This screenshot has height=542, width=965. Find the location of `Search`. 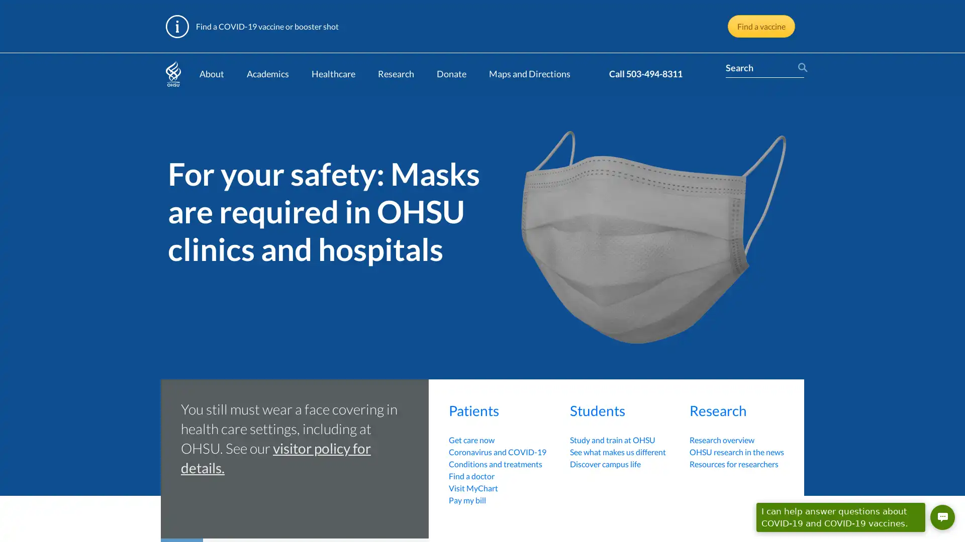

Search is located at coordinates (800, 68).